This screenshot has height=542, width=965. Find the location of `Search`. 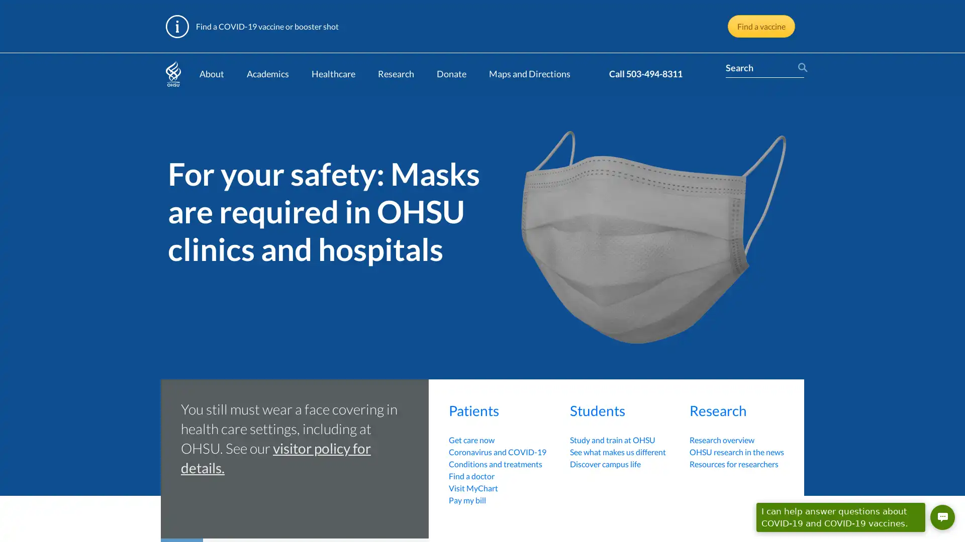

Search is located at coordinates (800, 68).